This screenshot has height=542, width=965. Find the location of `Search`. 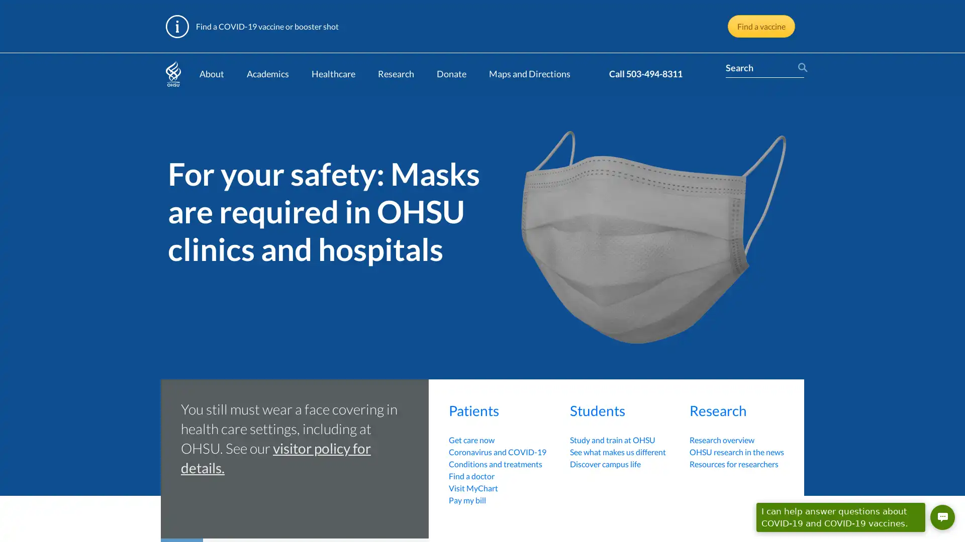

Search is located at coordinates (800, 68).